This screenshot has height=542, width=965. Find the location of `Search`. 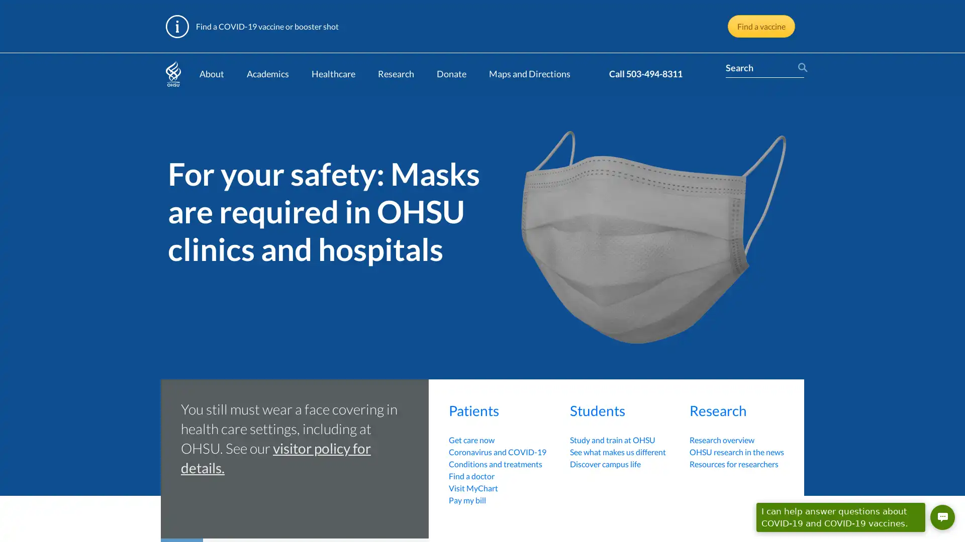

Search is located at coordinates (800, 68).